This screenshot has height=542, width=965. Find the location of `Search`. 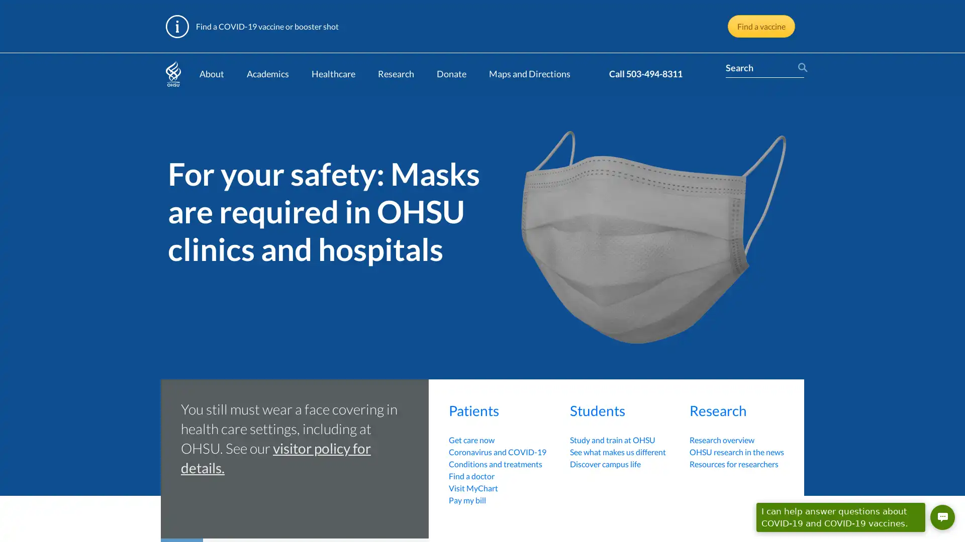

Search is located at coordinates (800, 68).